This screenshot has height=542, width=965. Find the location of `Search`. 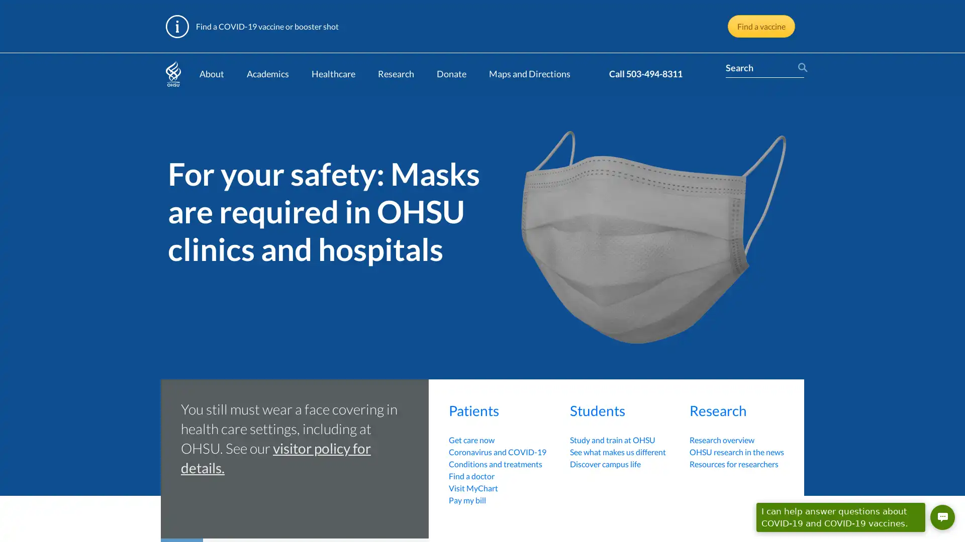

Search is located at coordinates (800, 68).